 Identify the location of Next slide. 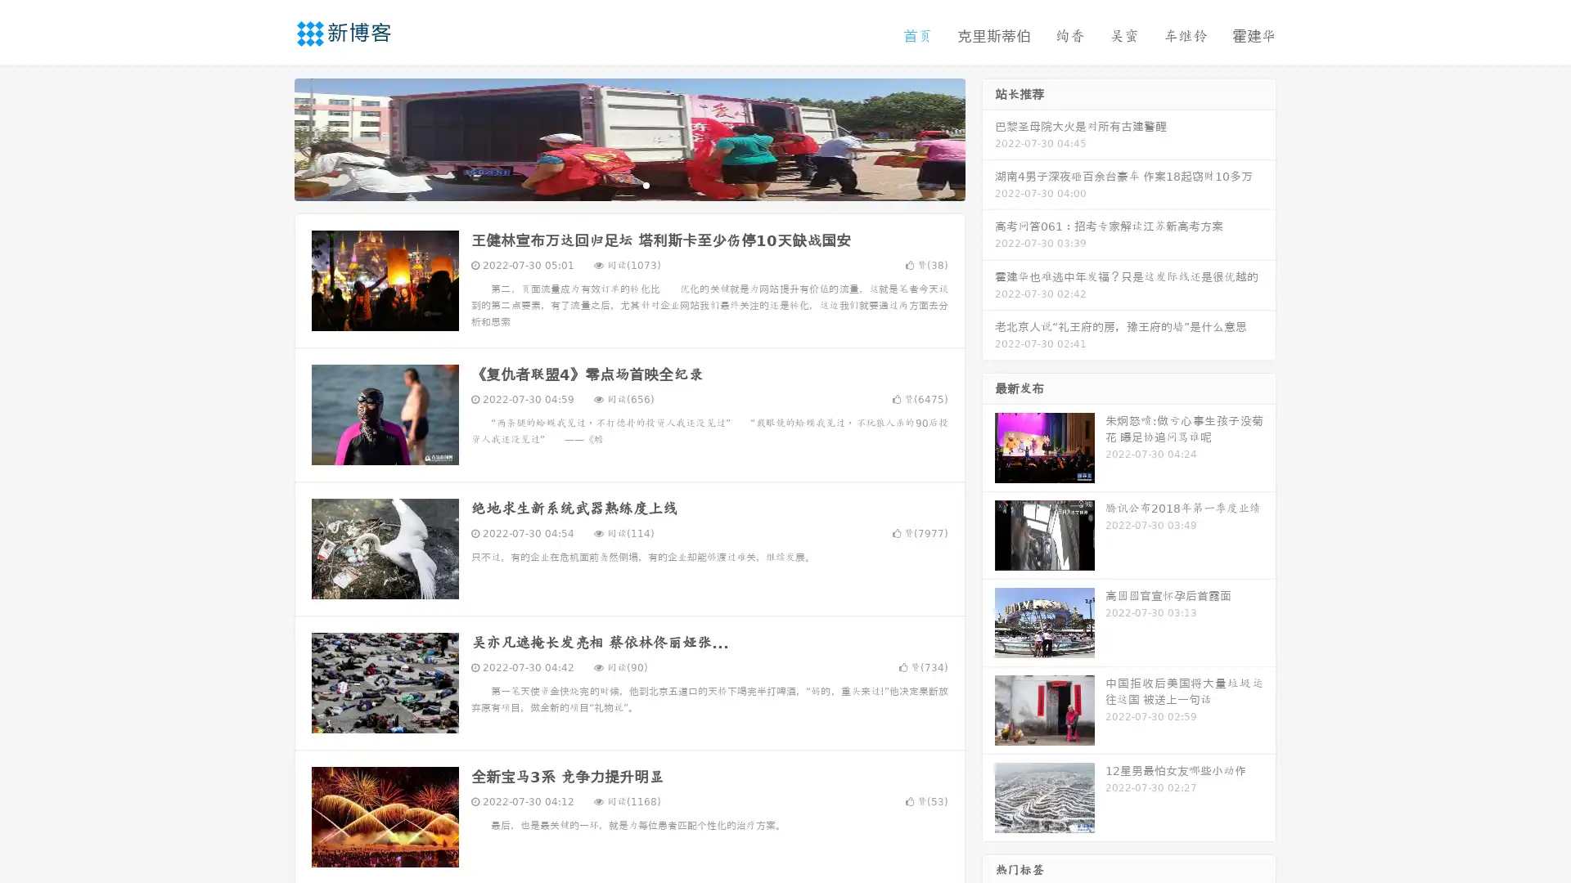
(988, 137).